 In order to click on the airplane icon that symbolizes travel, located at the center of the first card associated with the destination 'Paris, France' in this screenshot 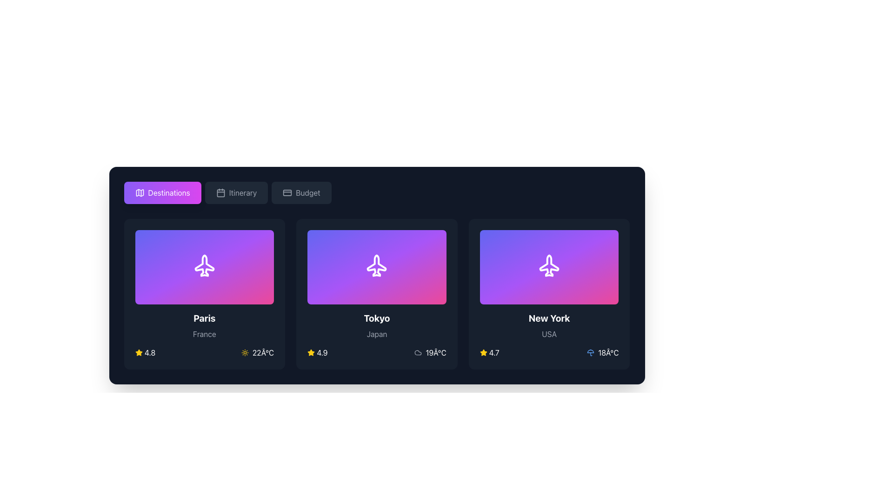, I will do `click(204, 267)`.